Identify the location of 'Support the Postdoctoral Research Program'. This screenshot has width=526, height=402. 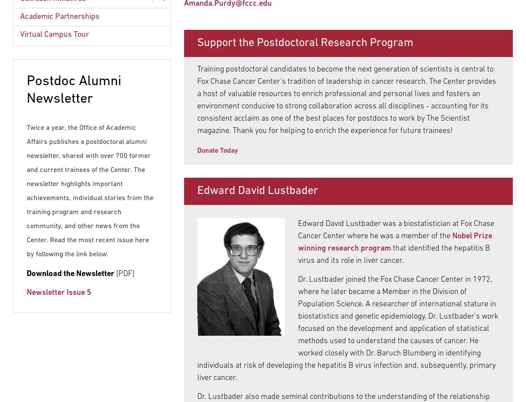
(305, 42).